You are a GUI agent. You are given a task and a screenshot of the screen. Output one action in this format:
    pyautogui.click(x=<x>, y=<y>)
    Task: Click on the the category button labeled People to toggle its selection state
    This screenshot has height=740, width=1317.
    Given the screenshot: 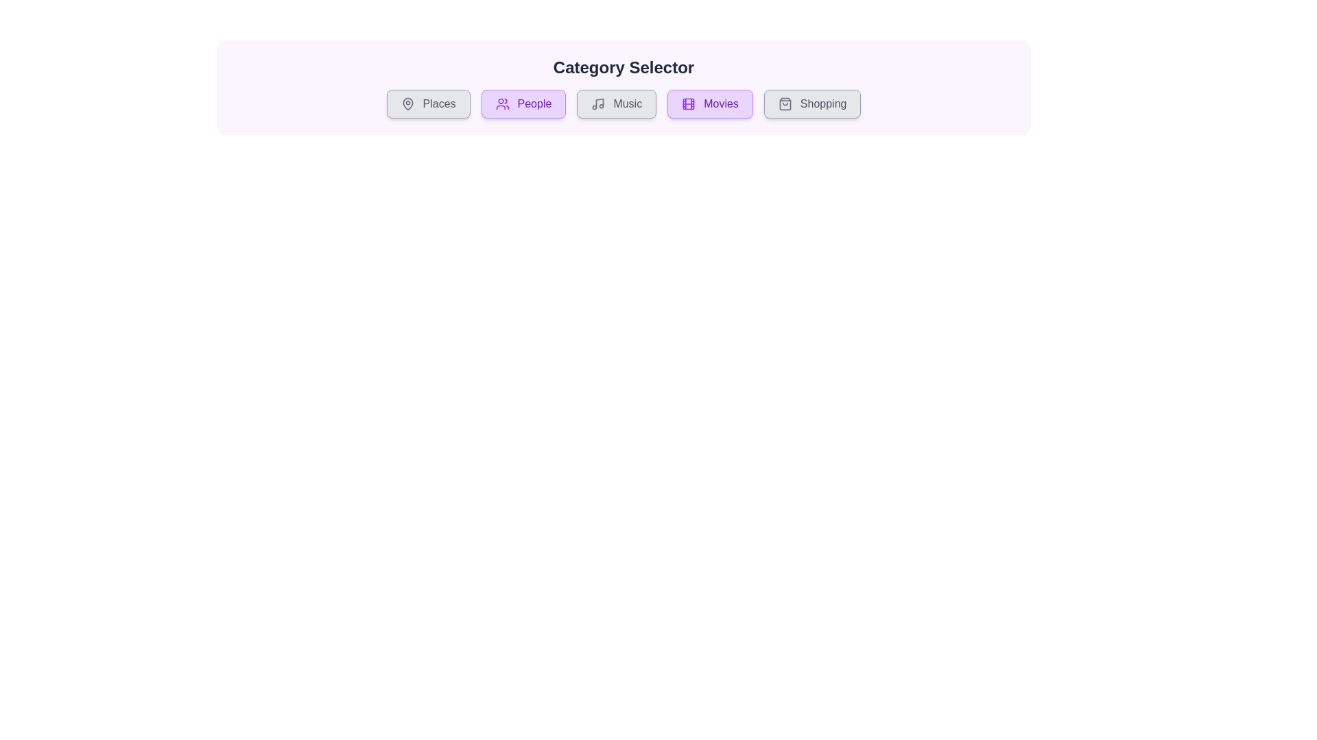 What is the action you would take?
    pyautogui.click(x=523, y=103)
    